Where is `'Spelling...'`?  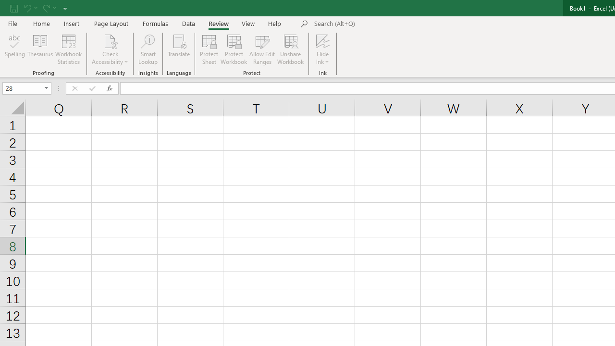
'Spelling...' is located at coordinates (15, 49).